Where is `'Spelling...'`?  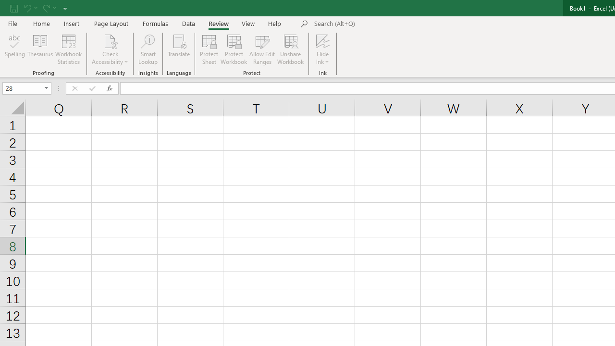
'Spelling...' is located at coordinates (15, 49).